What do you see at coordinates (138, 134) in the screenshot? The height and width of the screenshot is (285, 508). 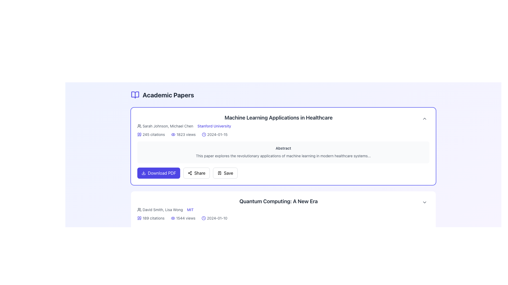 I see `the decorative icon representing quotation marks in the citation section of the first academic paper card on the page` at bounding box center [138, 134].